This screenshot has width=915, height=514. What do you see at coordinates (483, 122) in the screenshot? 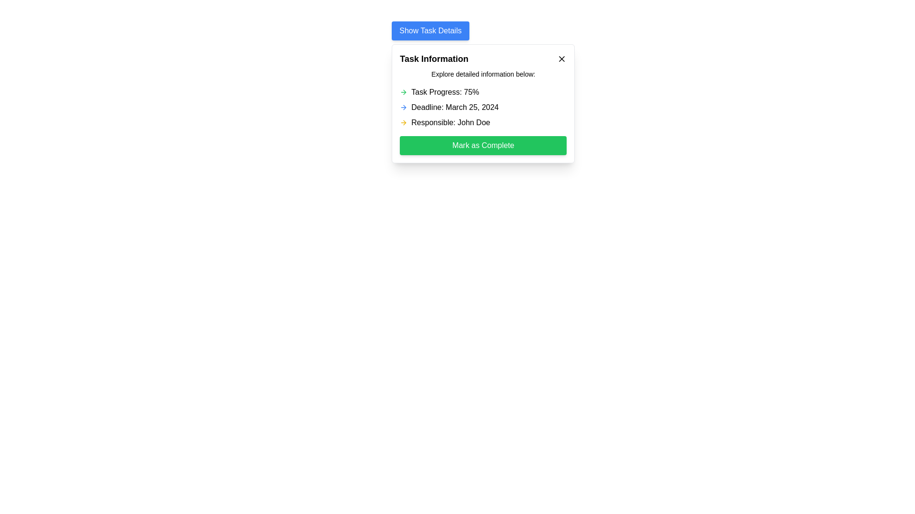
I see `the text label displaying the name of the person responsible for the task, which is located in the card layout below 'Task Progress' and 'Deadline', and just above the 'Mark as Complete' button` at bounding box center [483, 122].